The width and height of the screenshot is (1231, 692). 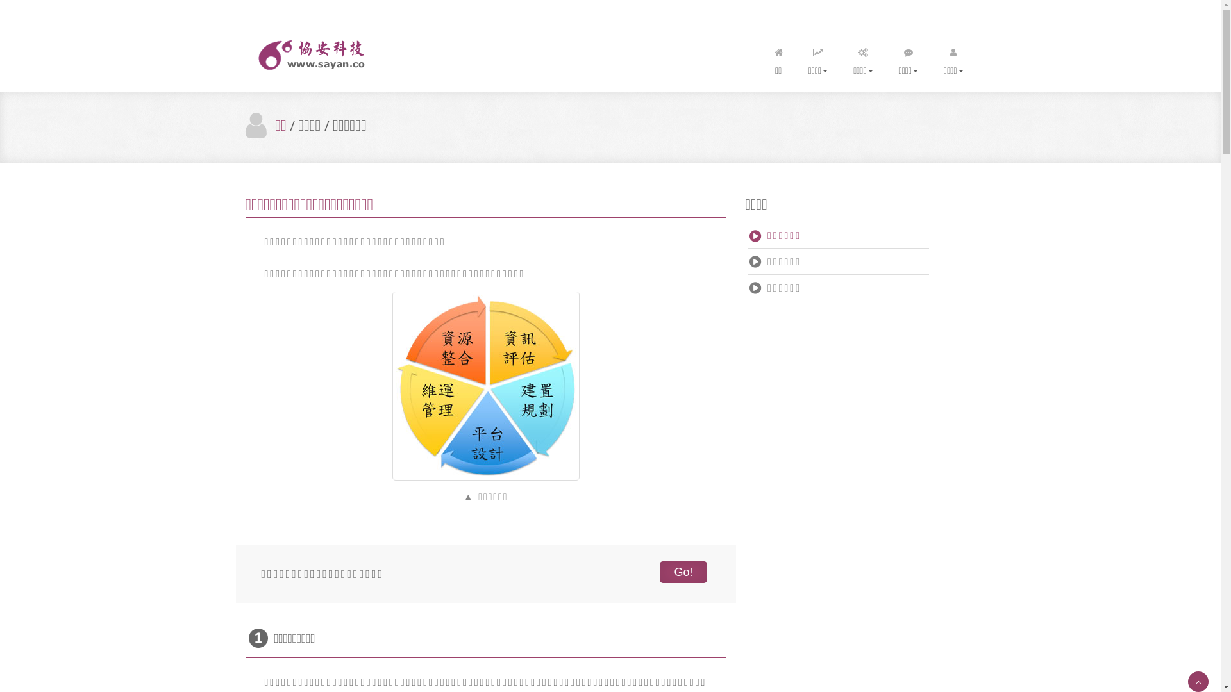 I want to click on 'Go!', so click(x=659, y=572).